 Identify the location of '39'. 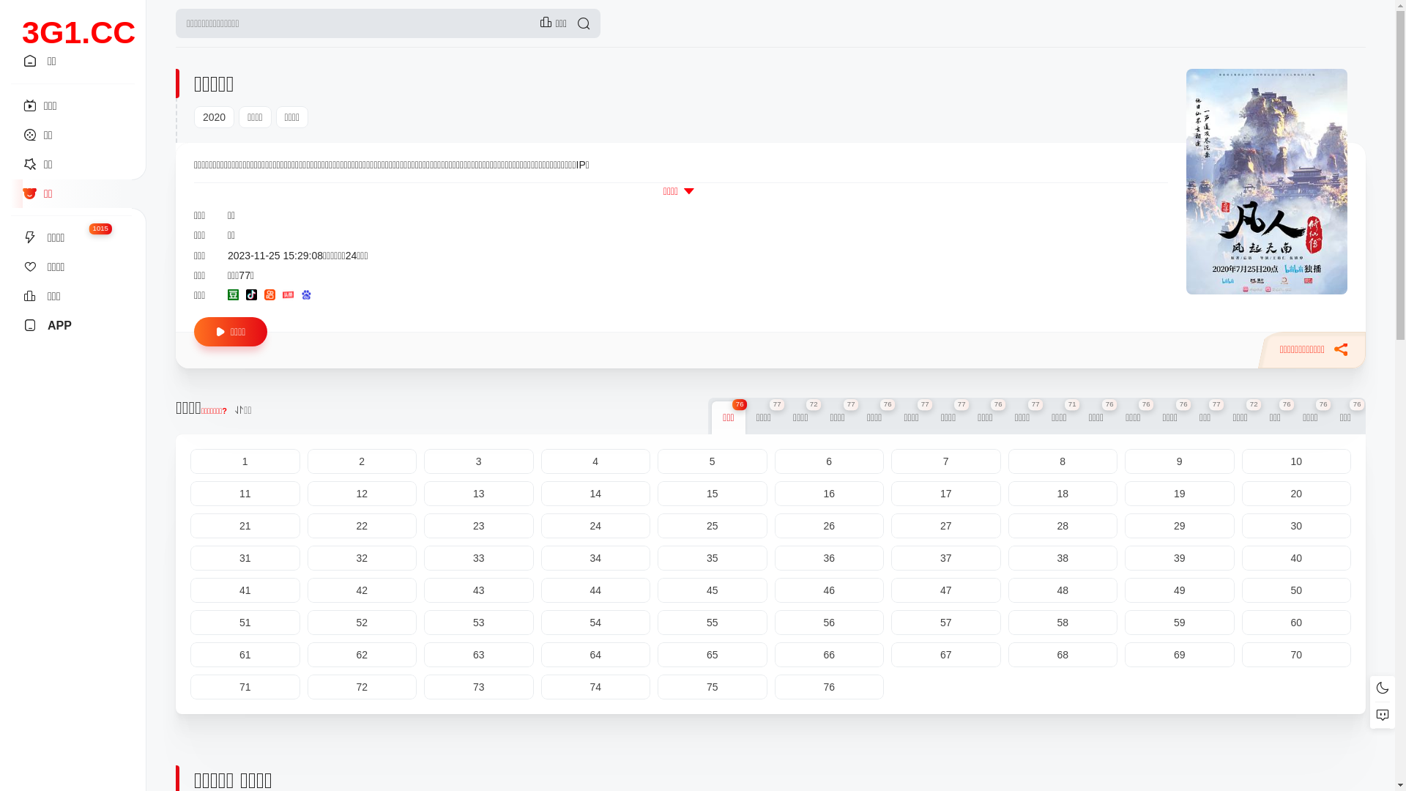
(1124, 558).